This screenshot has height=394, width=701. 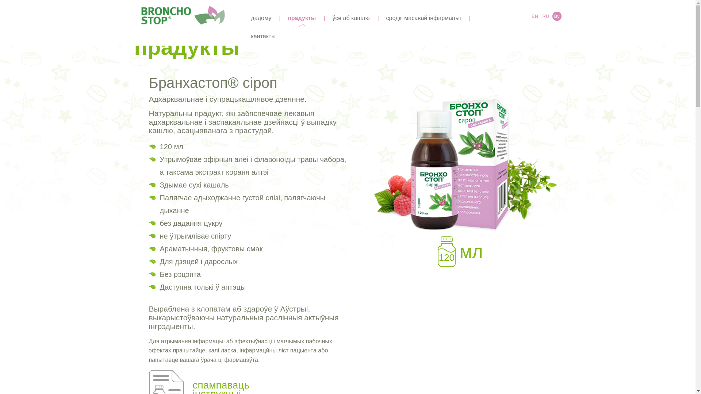 I want to click on 'EN', so click(x=535, y=16).